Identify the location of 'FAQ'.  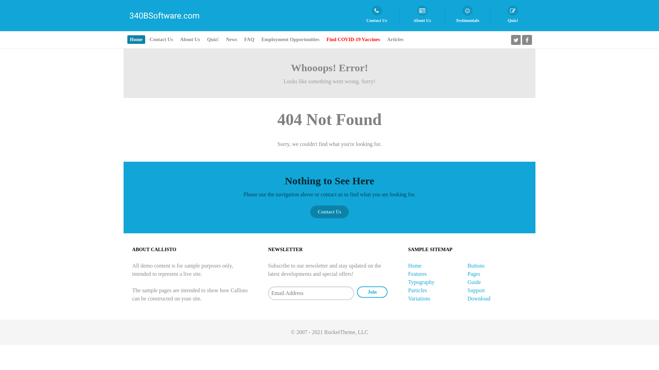
(248, 39).